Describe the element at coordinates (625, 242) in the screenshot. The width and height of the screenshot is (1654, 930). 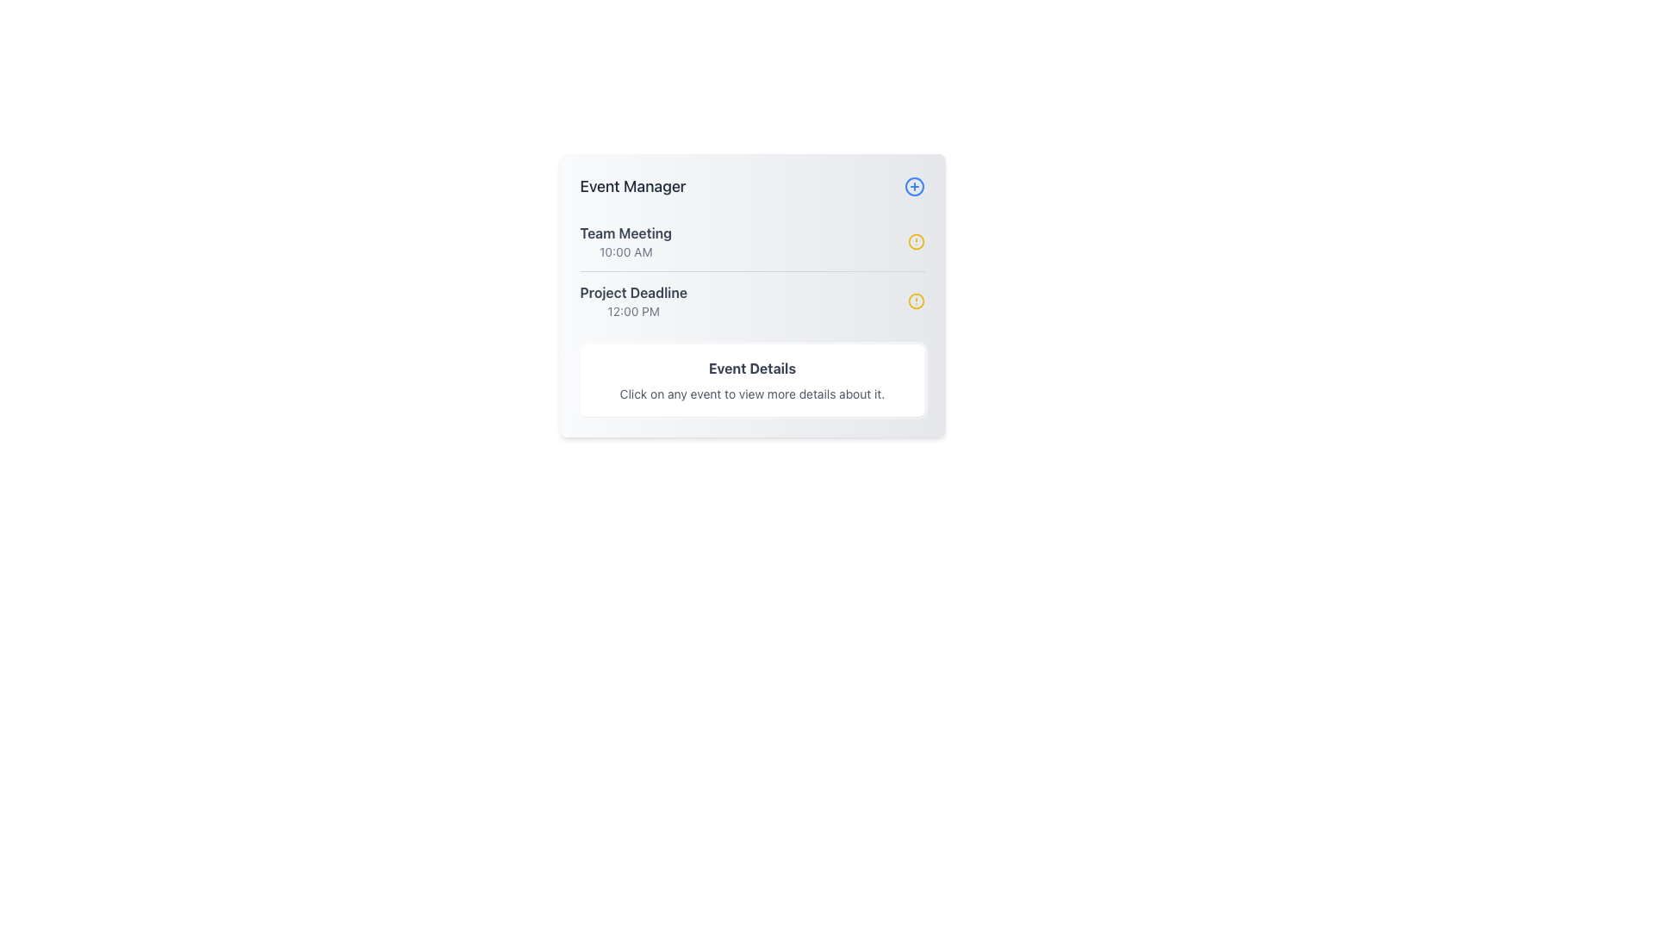
I see `the 'Team Meeting' text block in the 'Event Manager' section` at that location.